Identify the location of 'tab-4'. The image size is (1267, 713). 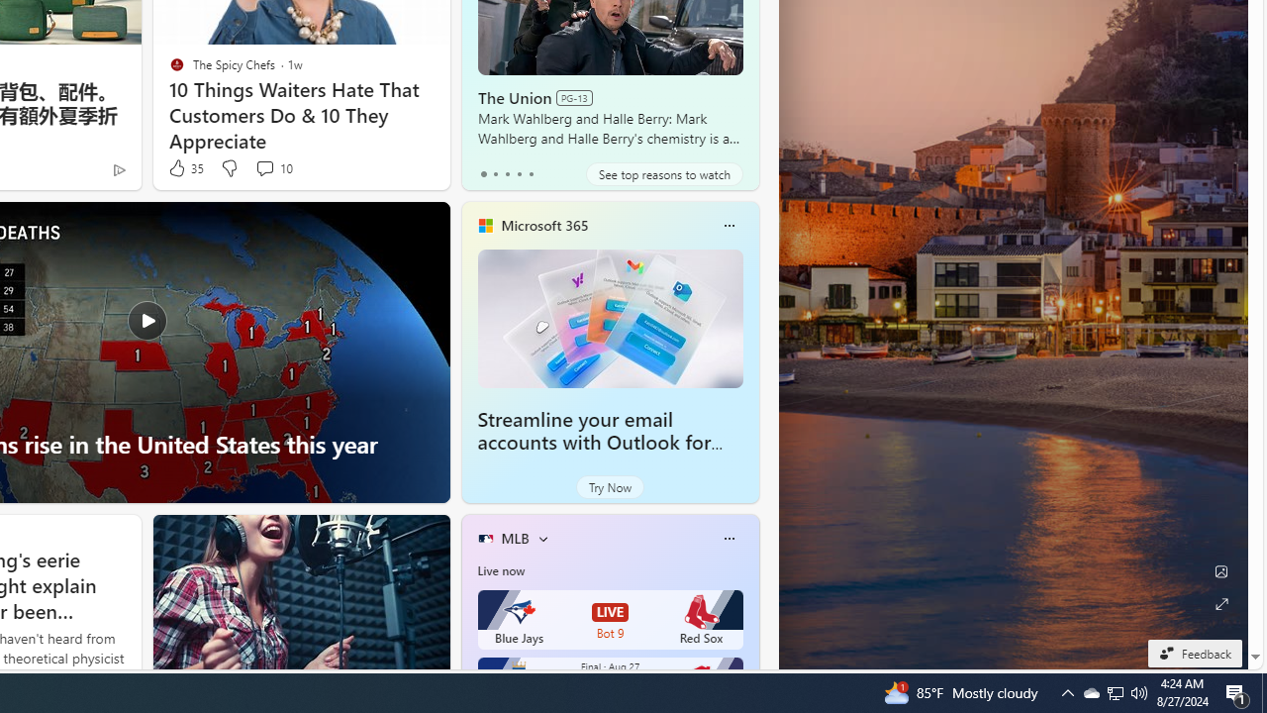
(531, 173).